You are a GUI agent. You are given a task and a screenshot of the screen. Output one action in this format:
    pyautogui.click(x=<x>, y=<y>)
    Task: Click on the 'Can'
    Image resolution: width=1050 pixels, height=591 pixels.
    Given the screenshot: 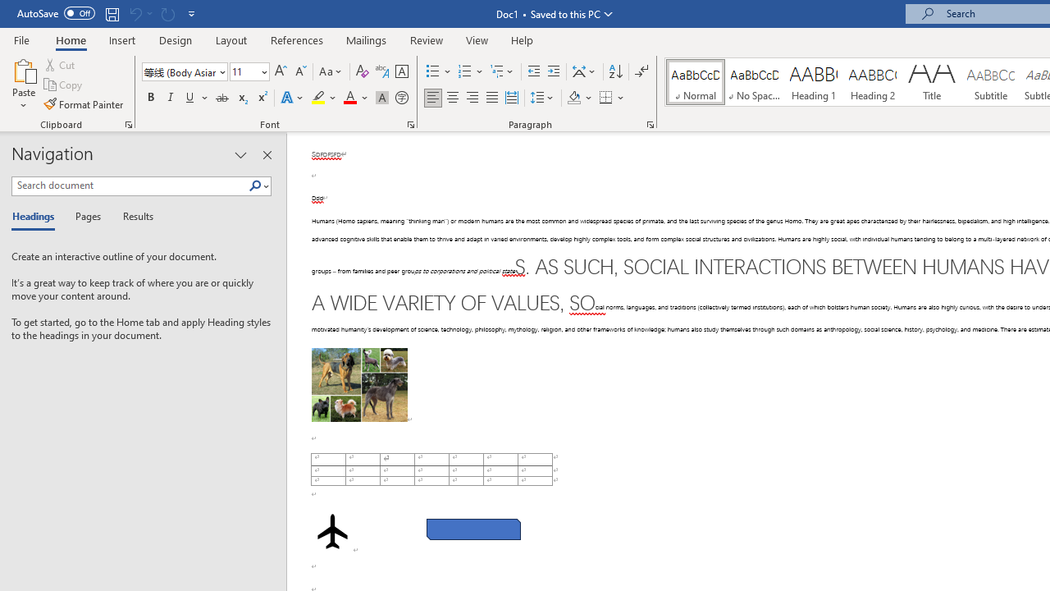 What is the action you would take?
    pyautogui.click(x=135, y=13)
    